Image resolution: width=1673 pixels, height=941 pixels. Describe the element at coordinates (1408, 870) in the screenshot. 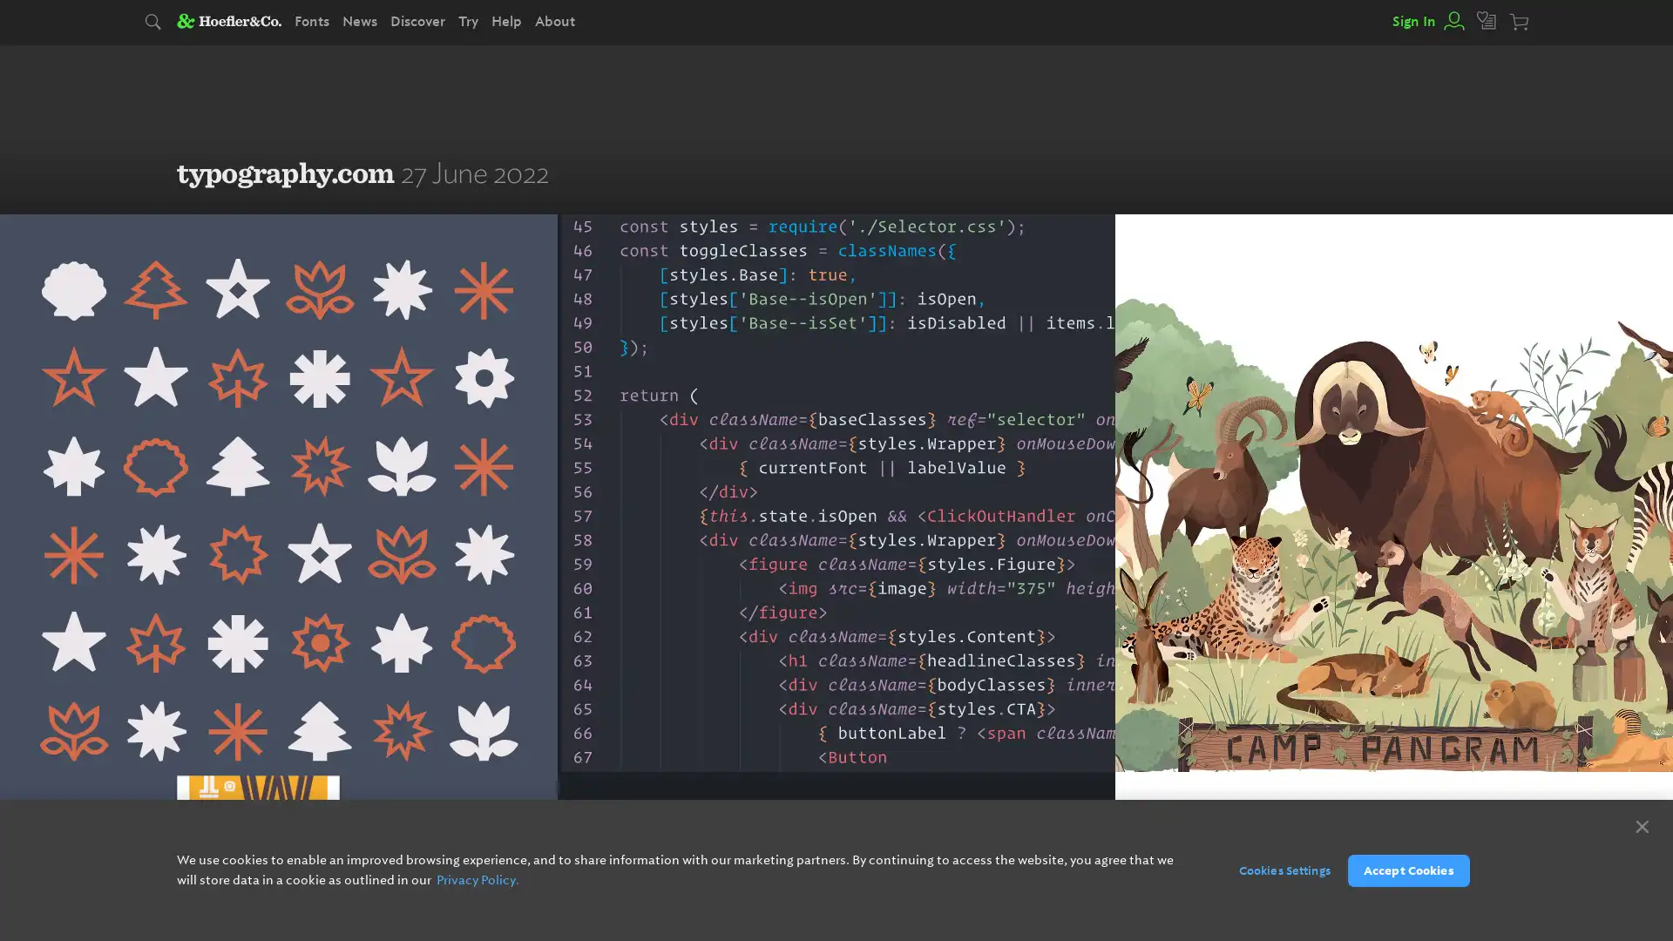

I see `Accept Cookies` at that location.